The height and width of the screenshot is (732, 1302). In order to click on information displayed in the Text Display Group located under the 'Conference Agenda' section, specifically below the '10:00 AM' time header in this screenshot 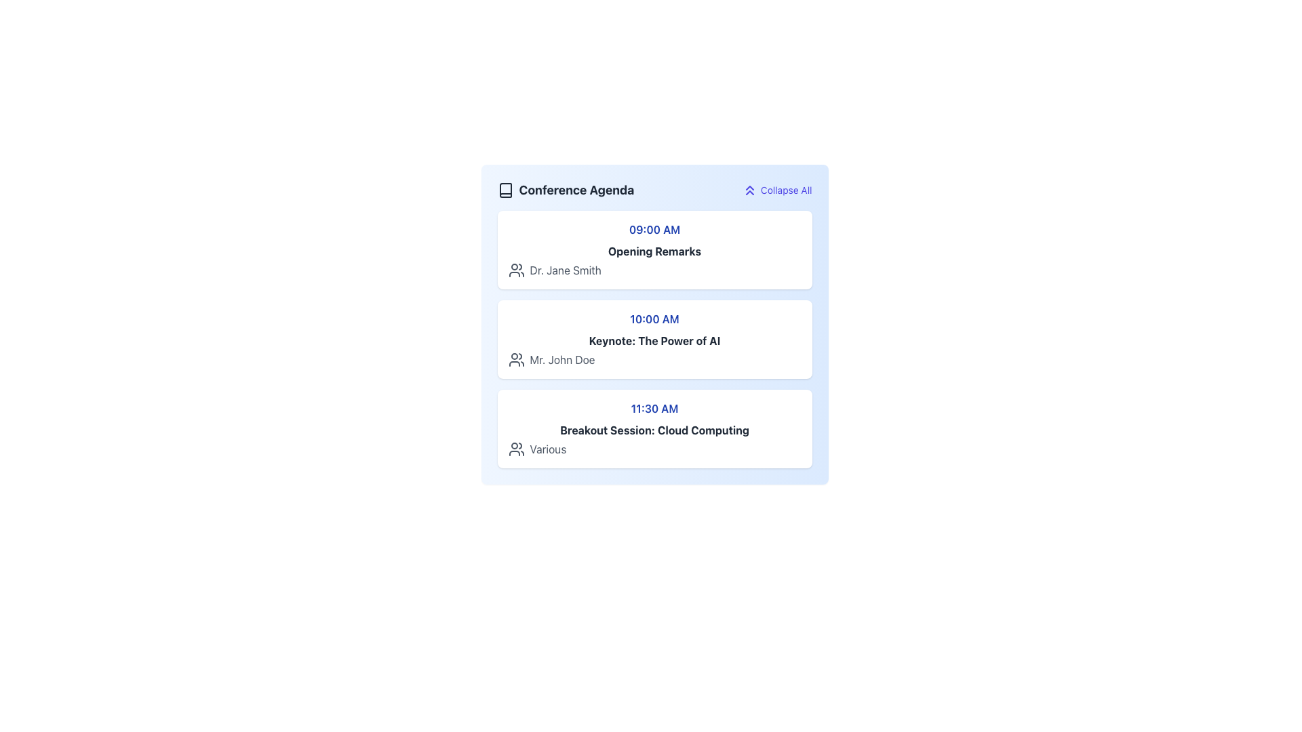, I will do `click(654, 349)`.